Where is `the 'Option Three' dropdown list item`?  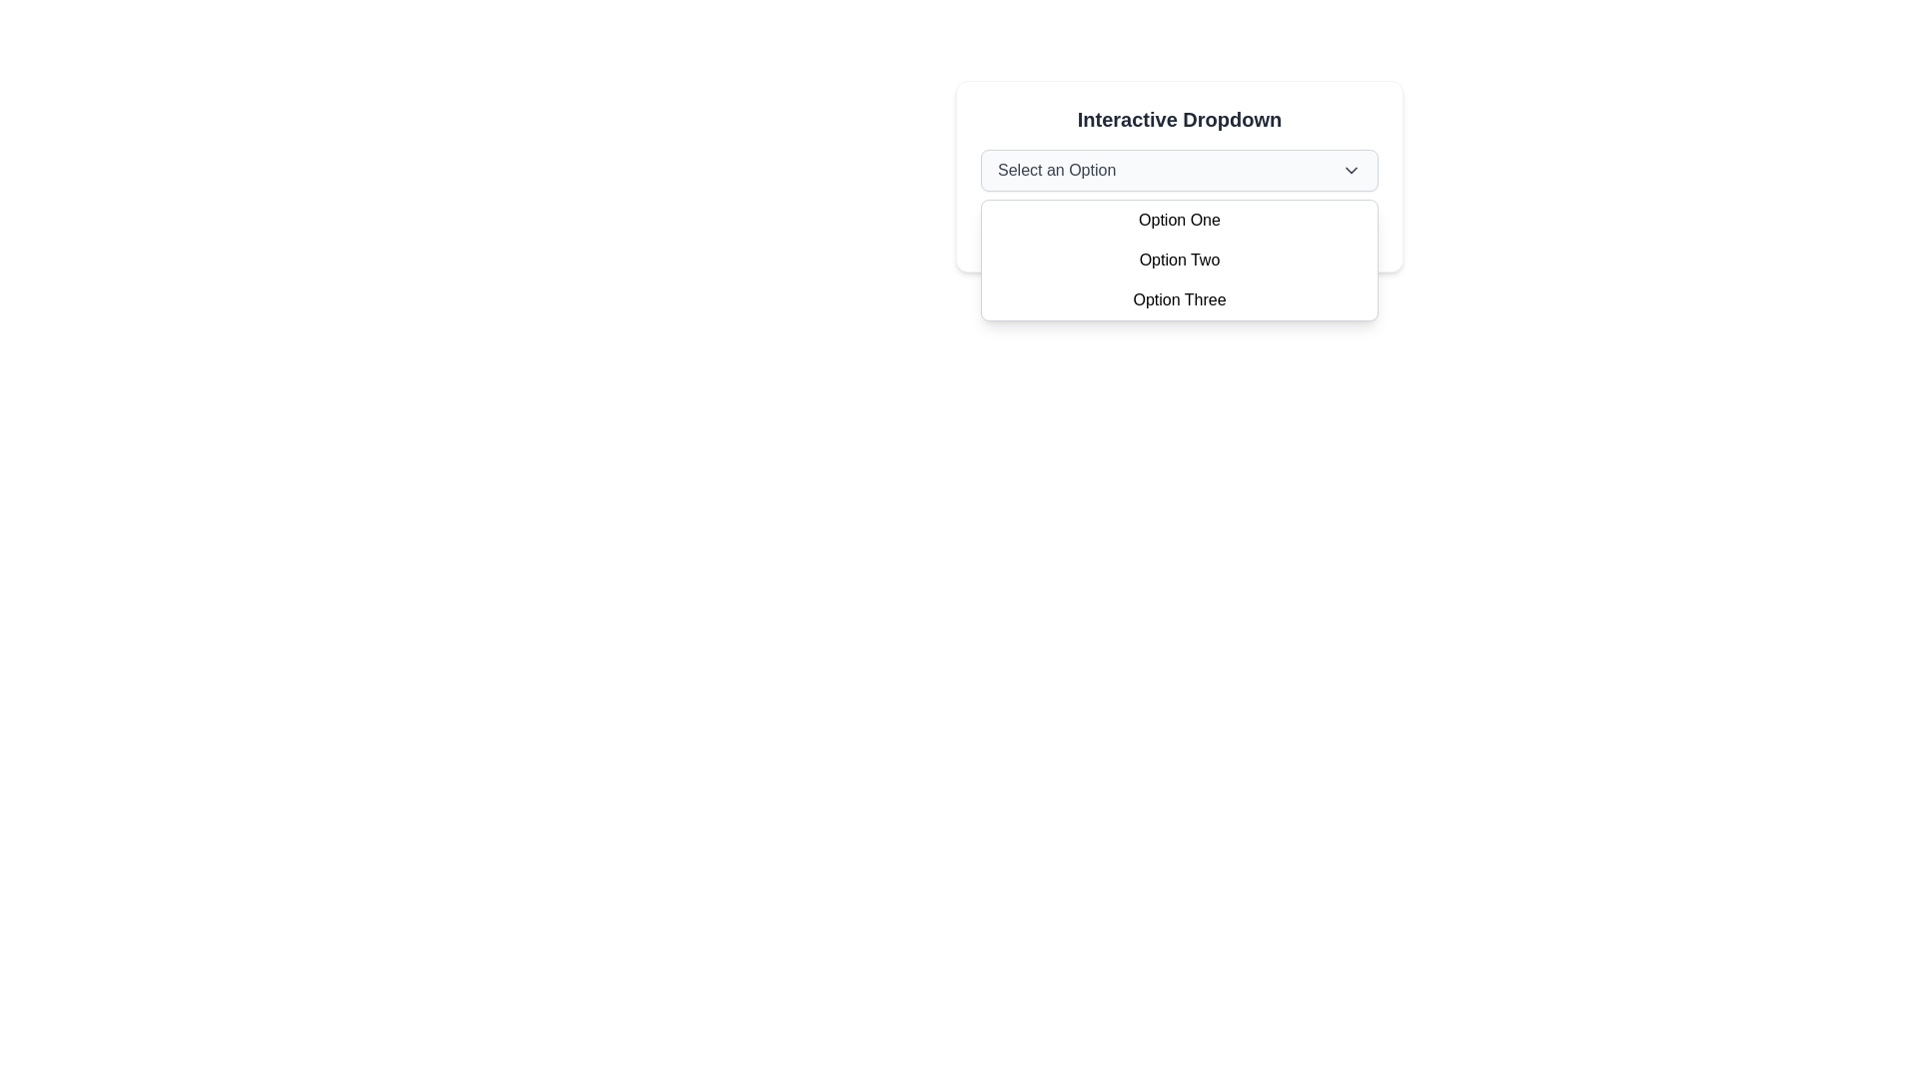
the 'Option Three' dropdown list item is located at coordinates (1179, 299).